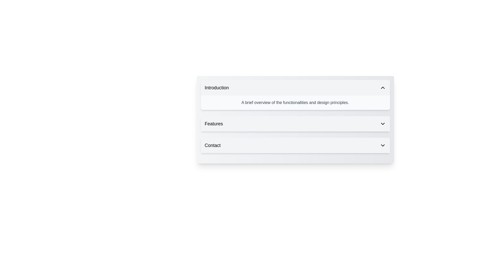 The image size is (494, 278). What do you see at coordinates (383, 124) in the screenshot?
I see `the downward-pointing chevron icon, which indicates the collapsible nature of the 'Features' section in the accordion interface` at bounding box center [383, 124].